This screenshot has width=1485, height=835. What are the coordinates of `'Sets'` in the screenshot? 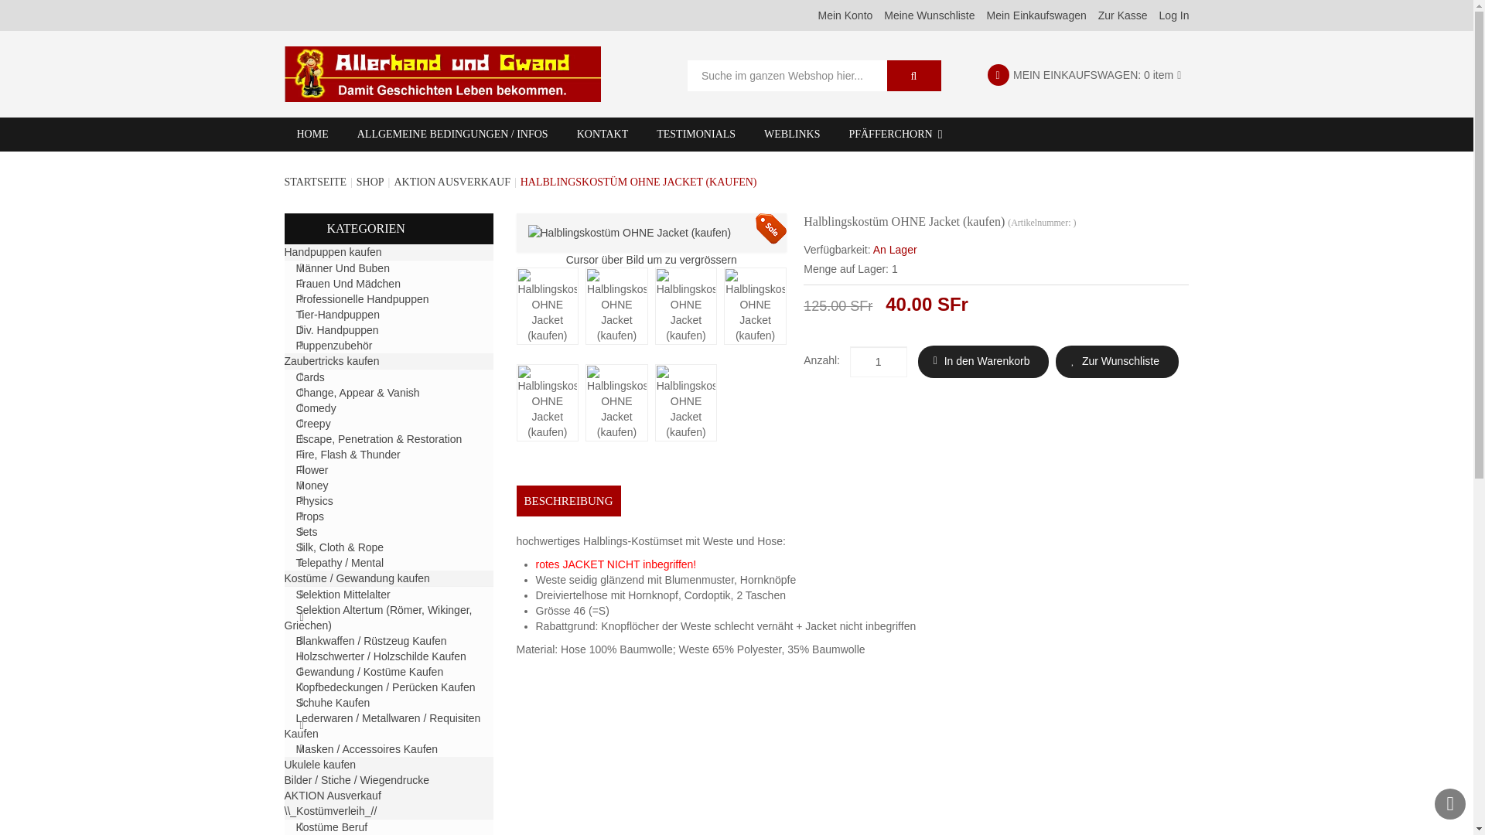 It's located at (306, 530).